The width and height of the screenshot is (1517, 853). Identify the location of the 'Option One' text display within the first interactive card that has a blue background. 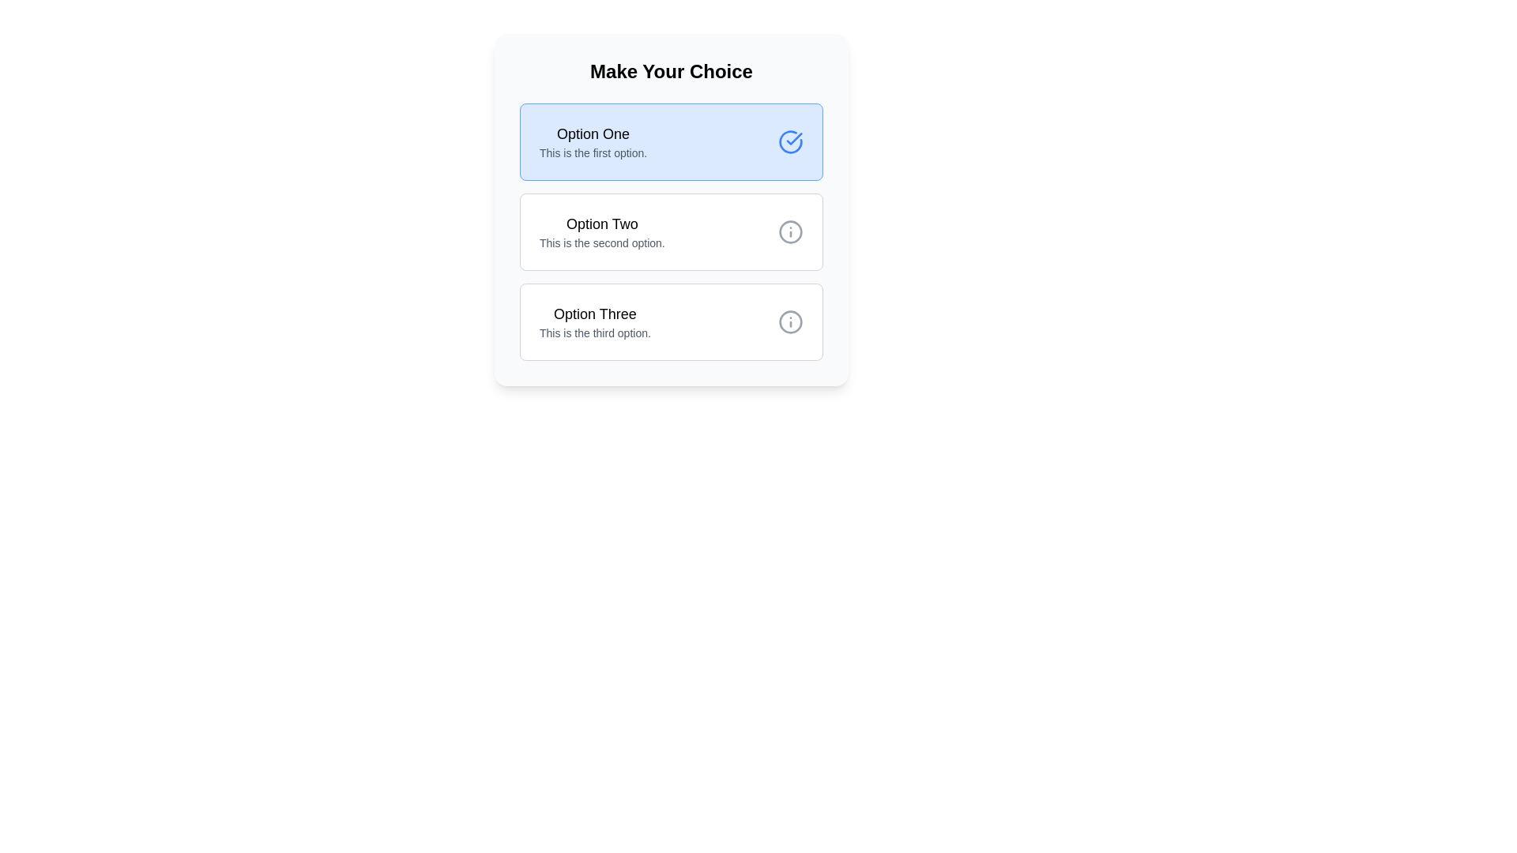
(593, 142).